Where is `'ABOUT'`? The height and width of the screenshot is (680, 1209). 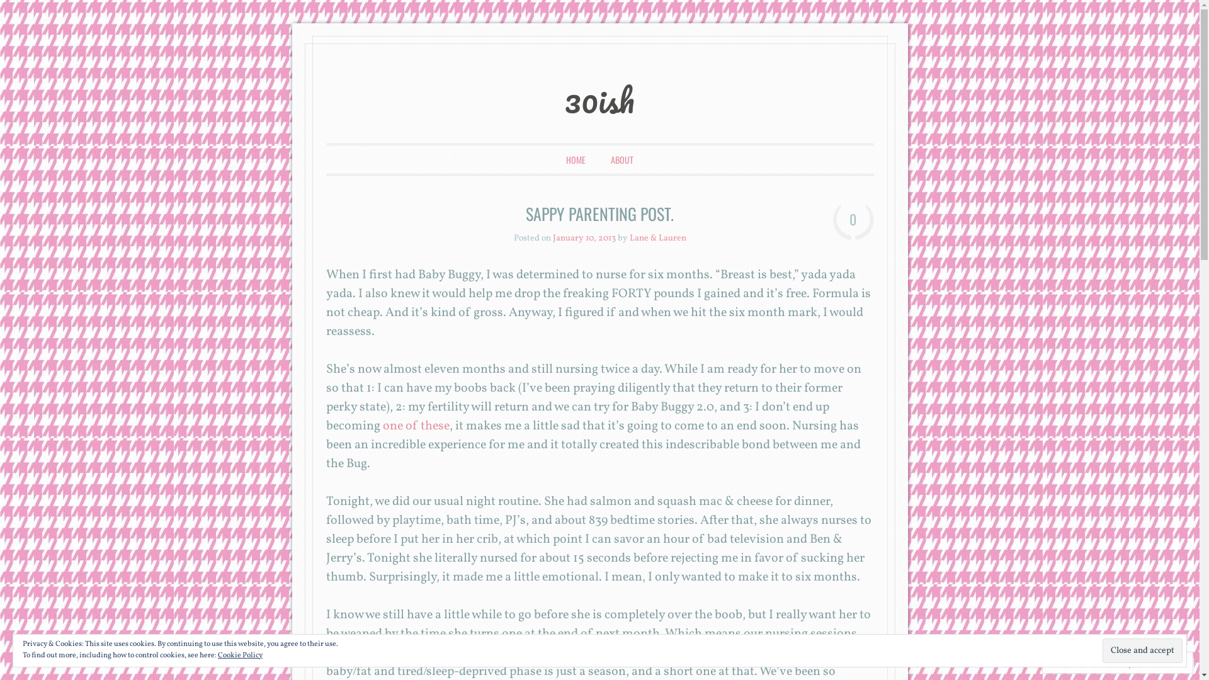 'ABOUT' is located at coordinates (622, 159).